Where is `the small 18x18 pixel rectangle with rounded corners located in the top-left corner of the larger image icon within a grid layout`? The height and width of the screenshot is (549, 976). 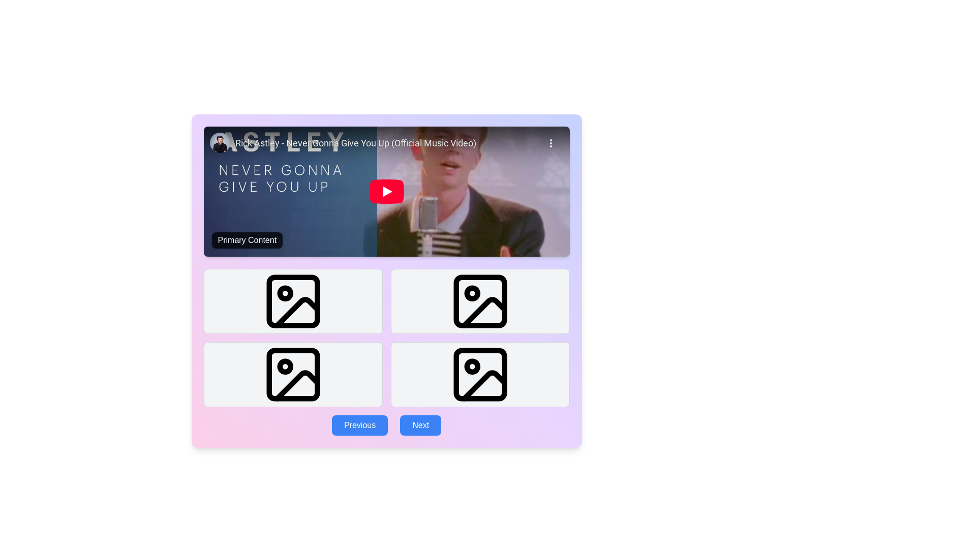
the small 18x18 pixel rectangle with rounded corners located in the top-left corner of the larger image icon within a grid layout is located at coordinates (292, 301).